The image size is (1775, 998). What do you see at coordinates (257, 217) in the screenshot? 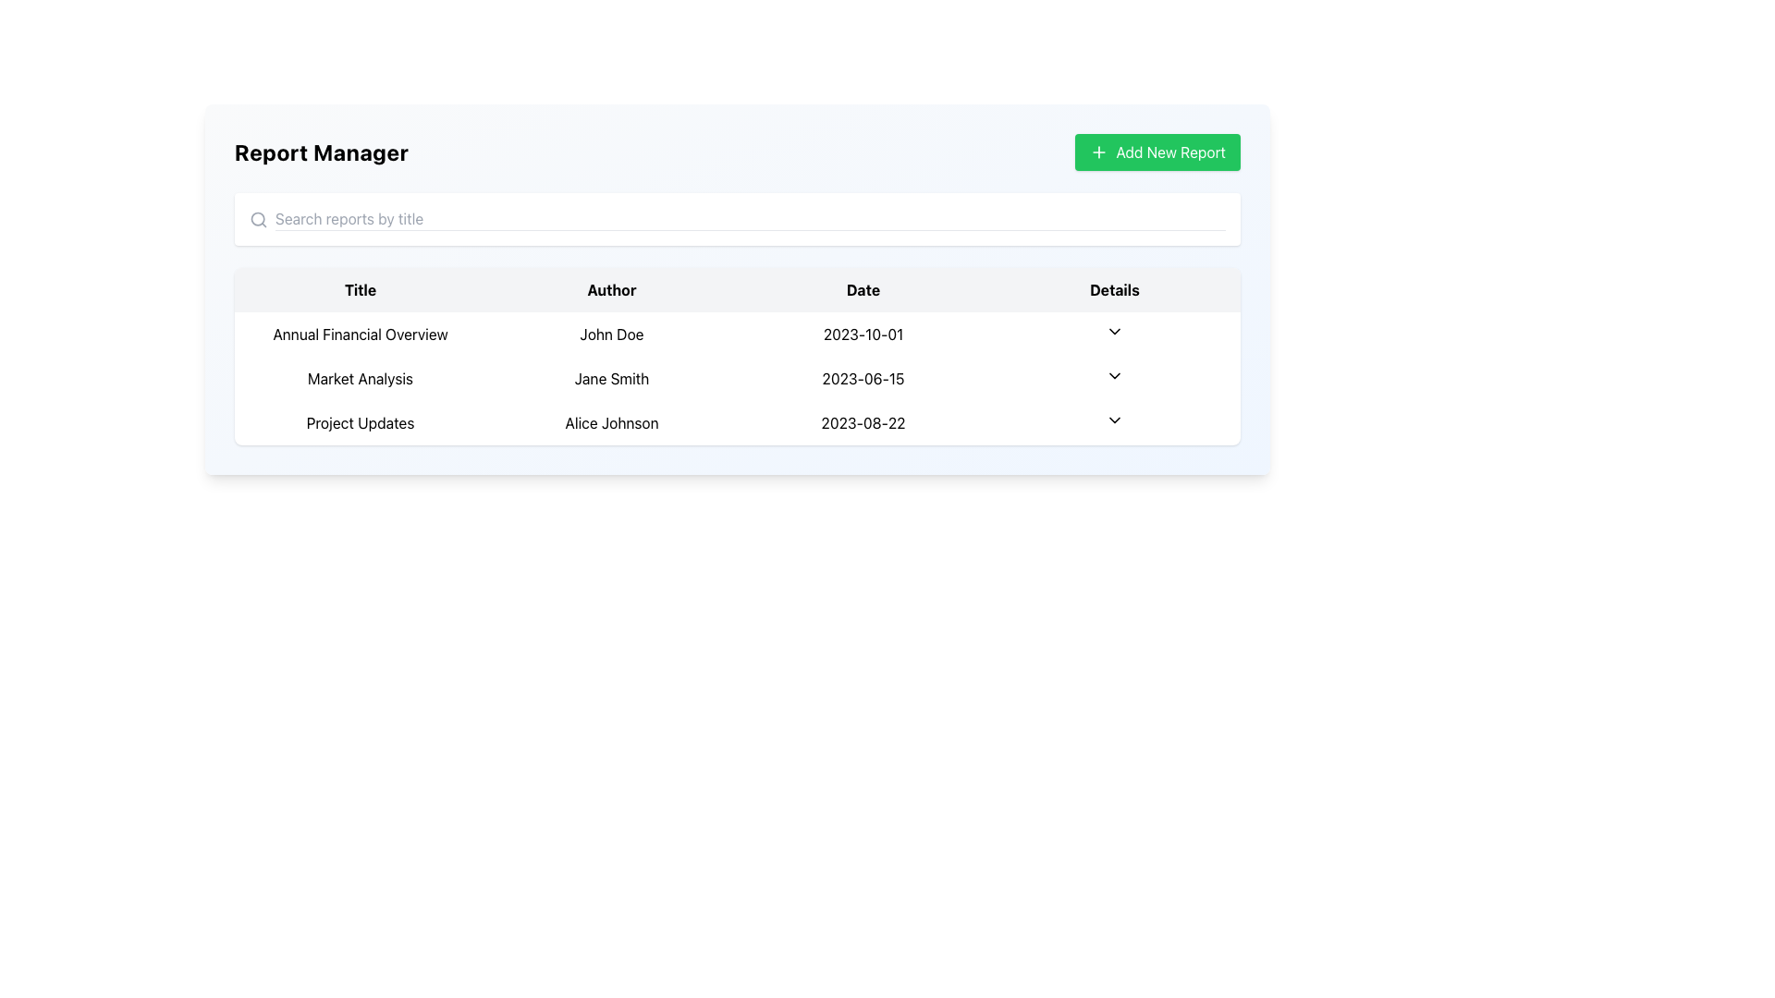
I see `the inner circle of the magnifying glass icon, which represents the search functionality, located left of the 'Search reports by title' input box` at bounding box center [257, 217].